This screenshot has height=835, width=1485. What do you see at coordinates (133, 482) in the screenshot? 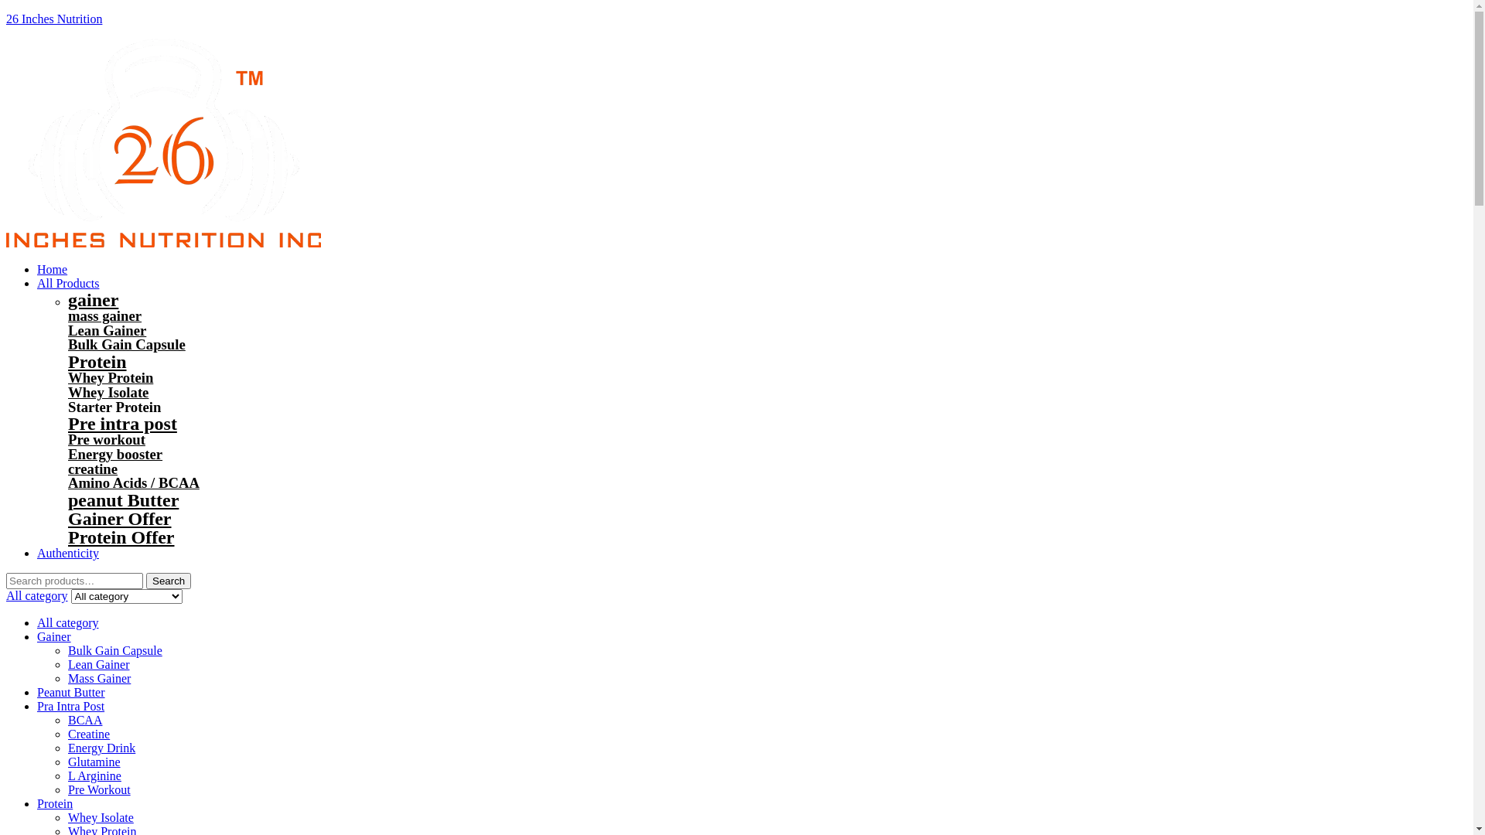
I see `'Amino Acids / BCAA'` at bounding box center [133, 482].